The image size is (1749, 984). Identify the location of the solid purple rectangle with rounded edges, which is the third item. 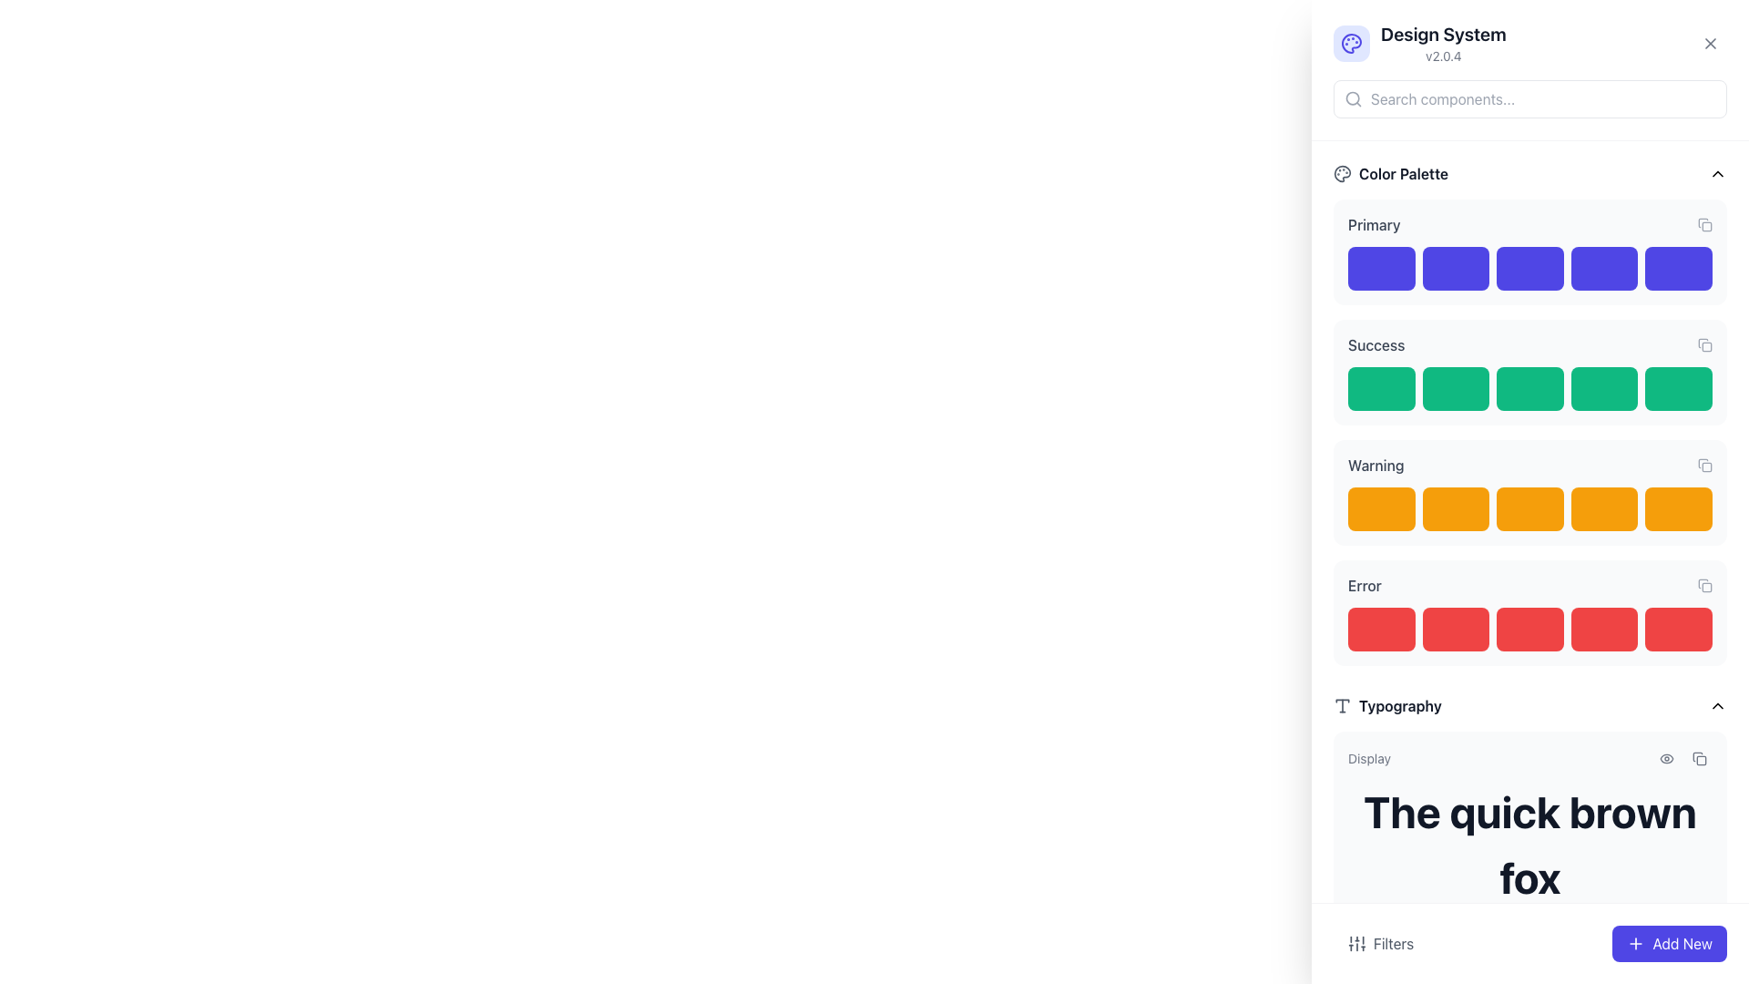
(1530, 252).